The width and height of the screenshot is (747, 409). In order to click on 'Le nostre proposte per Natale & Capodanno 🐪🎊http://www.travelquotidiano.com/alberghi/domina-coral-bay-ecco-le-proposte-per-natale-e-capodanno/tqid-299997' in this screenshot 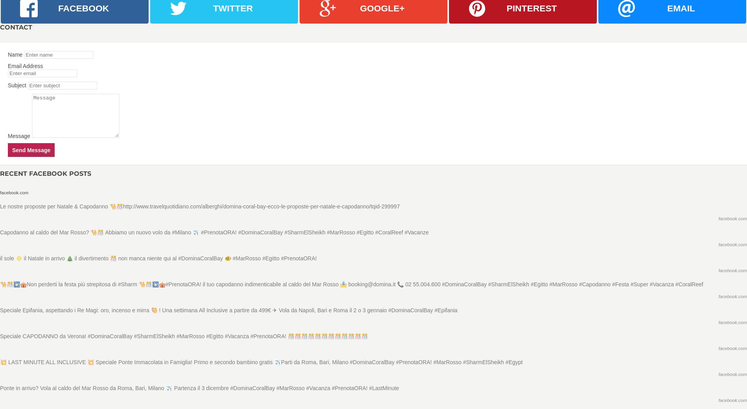, I will do `click(0, 206)`.